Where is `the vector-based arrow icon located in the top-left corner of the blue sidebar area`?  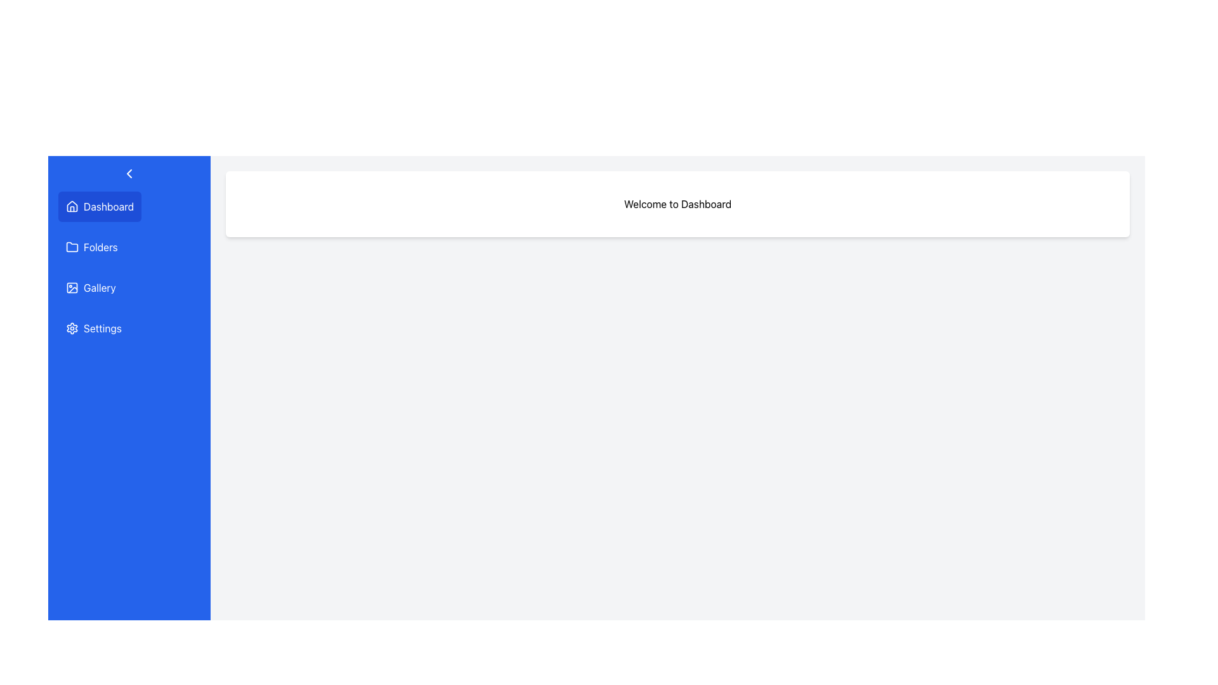
the vector-based arrow icon located in the top-left corner of the blue sidebar area is located at coordinates (129, 173).